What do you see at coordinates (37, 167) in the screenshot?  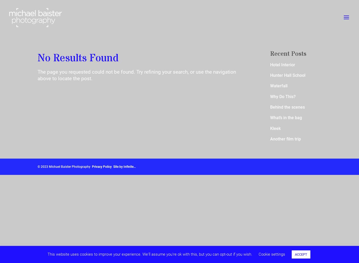 I see `'© 2023 Michael Baister Photography'` at bounding box center [37, 167].